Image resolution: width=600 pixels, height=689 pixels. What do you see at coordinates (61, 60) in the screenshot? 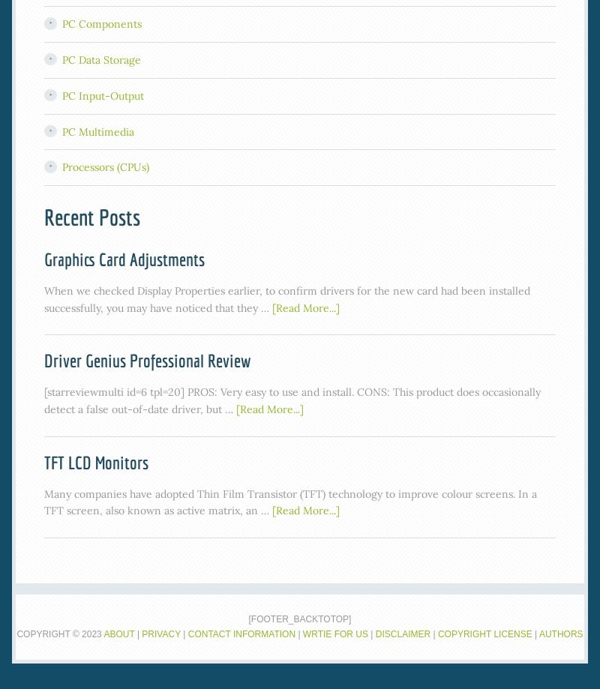
I see `'PC Data Storage'` at bounding box center [61, 60].